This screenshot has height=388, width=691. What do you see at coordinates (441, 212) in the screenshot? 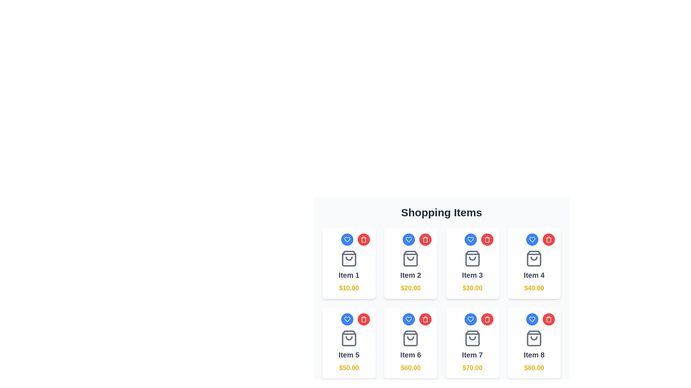
I see `static text label that serves as the header for the shopping items section, positioned at the top of the grid layout` at bounding box center [441, 212].